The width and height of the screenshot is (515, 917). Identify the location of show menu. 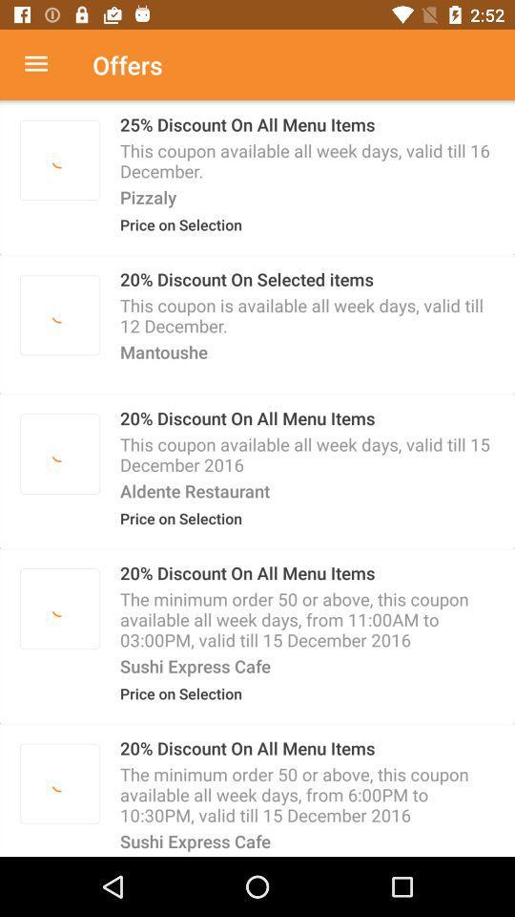
(46, 65).